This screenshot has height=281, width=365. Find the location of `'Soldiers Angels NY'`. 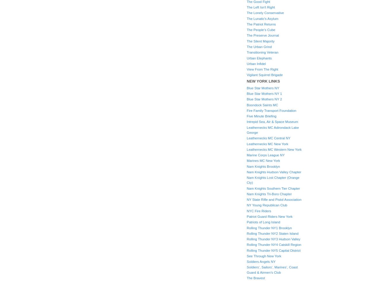

'Soldiers Angels NY' is located at coordinates (261, 261).